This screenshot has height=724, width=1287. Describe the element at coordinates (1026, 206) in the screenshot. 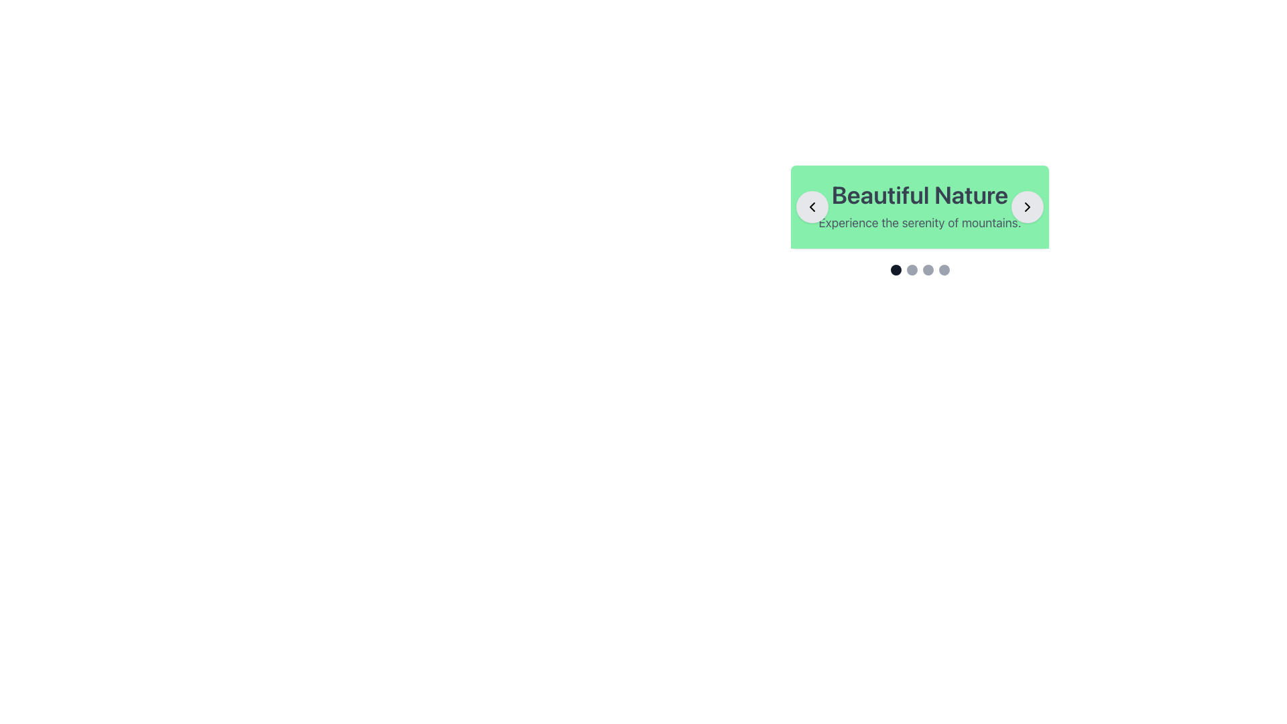

I see `the right-pointing chevron icon within the circular gray button located at the far right of the green panel labeled 'Beautiful Nature'` at that location.